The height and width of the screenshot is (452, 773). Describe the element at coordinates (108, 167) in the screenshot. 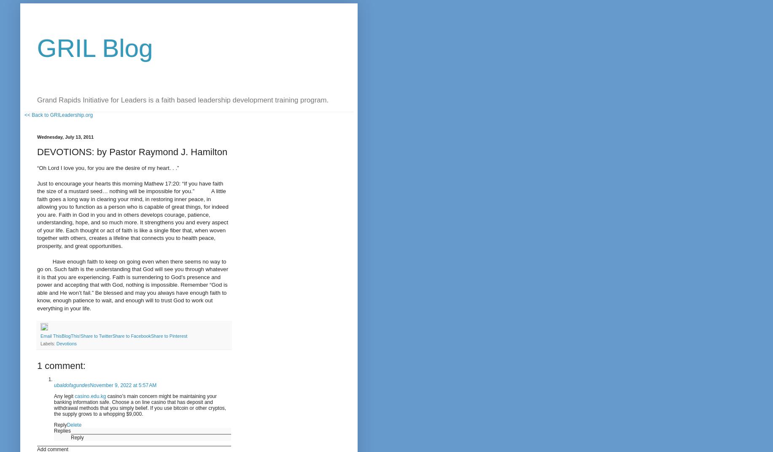

I see `'“Oh Lord I love you, for you are the desire of my heart. . .”'` at that location.